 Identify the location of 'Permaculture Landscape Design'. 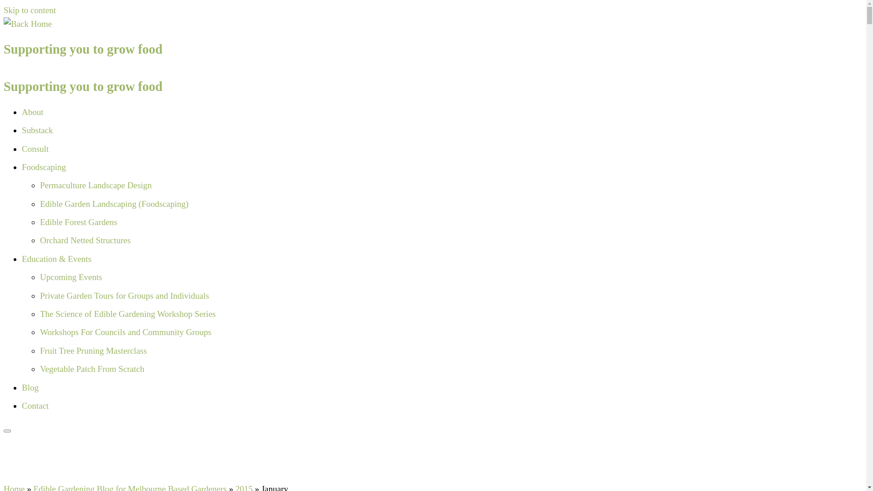
(96, 185).